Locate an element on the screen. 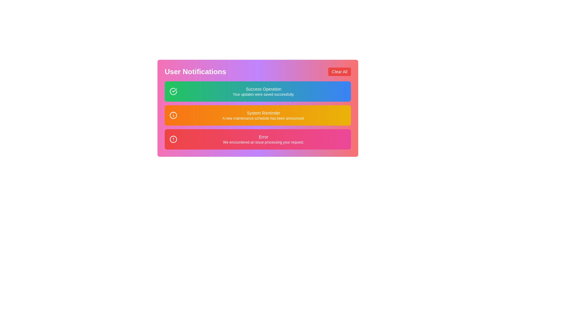 The image size is (575, 323). the state of the circular alert icon with a prominent alert symbol, located at the leftmost part of the 'Error' notification section is located at coordinates (173, 139).